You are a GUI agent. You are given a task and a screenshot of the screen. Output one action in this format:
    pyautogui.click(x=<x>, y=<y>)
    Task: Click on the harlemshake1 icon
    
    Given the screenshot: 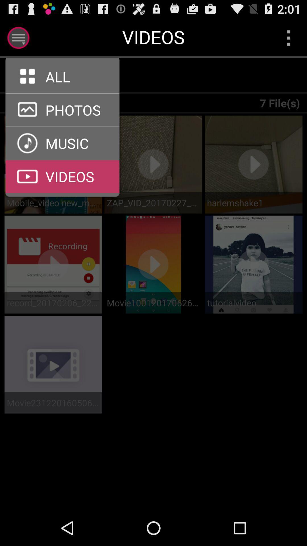 What is the action you would take?
    pyautogui.click(x=253, y=203)
    